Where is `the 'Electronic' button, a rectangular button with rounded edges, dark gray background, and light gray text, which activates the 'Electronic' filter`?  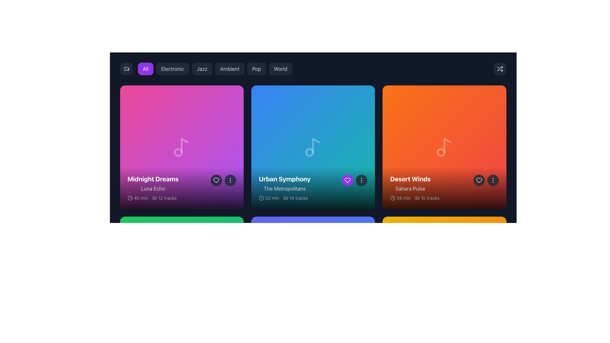
the 'Electronic' button, a rectangular button with rounded edges, dark gray background, and light gray text, which activates the 'Electronic' filter is located at coordinates (173, 69).